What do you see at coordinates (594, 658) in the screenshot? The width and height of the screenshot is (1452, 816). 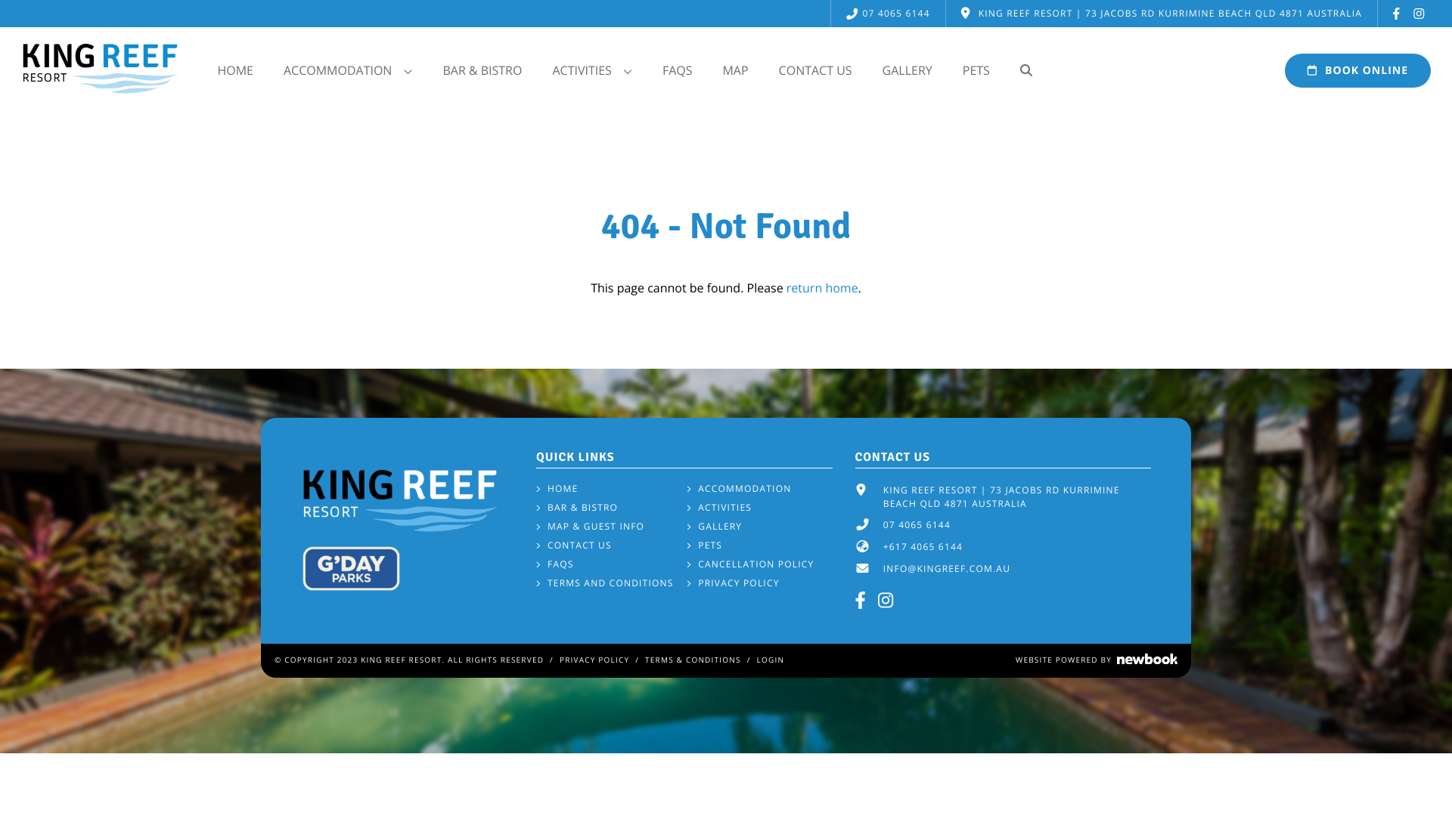 I see `'PRIVACY POLICY'` at bounding box center [594, 658].